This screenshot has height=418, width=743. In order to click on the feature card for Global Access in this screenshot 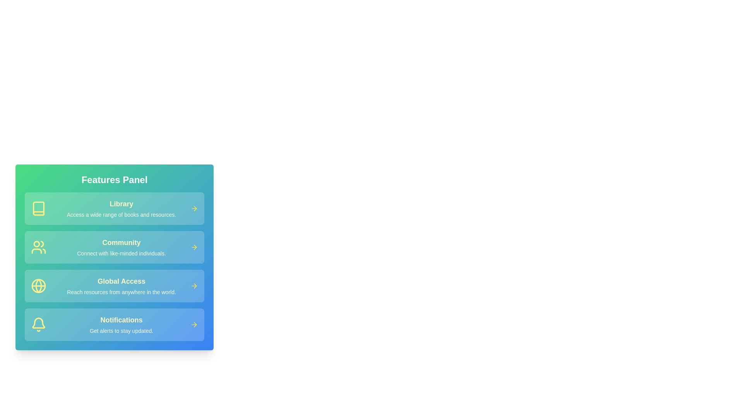, I will do `click(114, 286)`.